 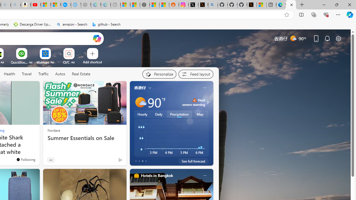 I want to click on 'Amazon Echo Dot PNG - Search Images - Sleeping', so click(x=16, y=5).